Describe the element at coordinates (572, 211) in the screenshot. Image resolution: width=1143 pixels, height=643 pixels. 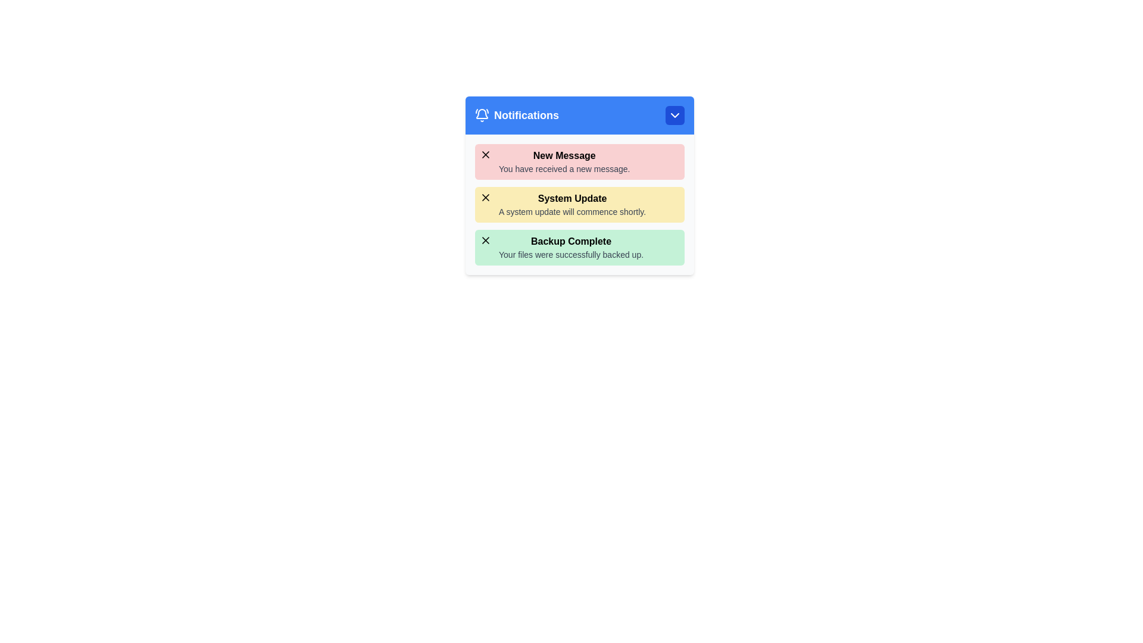
I see `static text that says 'A system update will commence shortly.' which is displayed in a smaller gray font and is surrounded by a yellow background, located beneath the header 'System Update'` at that location.